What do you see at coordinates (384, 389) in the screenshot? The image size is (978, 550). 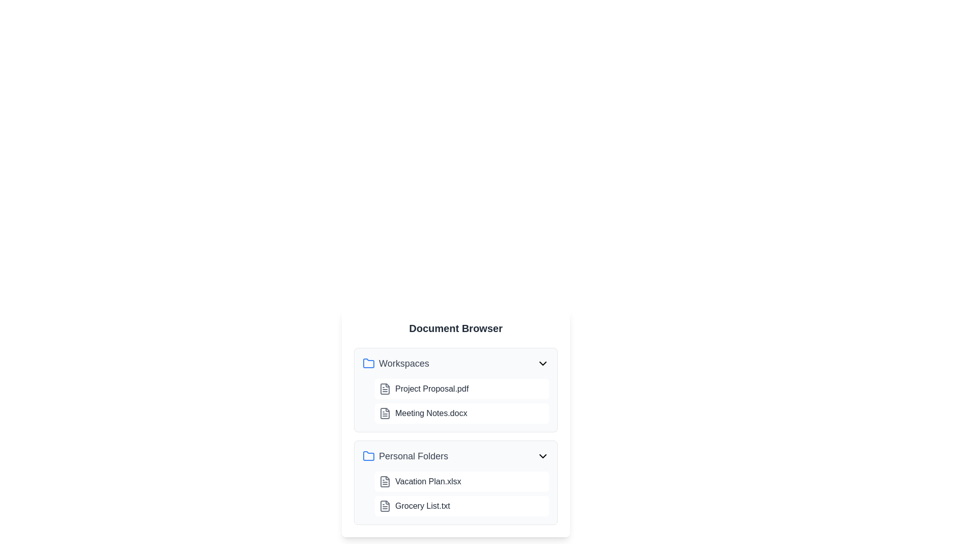 I see `the document icon representing 'Project Proposal.pdf'` at bounding box center [384, 389].